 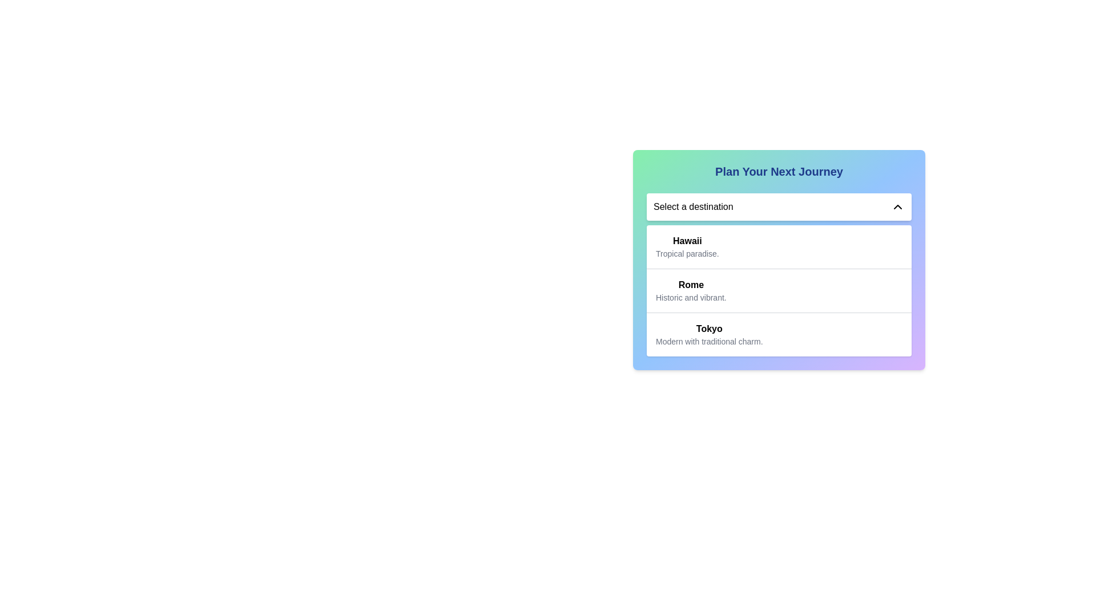 I want to click on the static text label element stating 'Tropical paradise.' located under the main label 'Hawaii' within the dropdown interface titled 'Plan Your Next Journey.', so click(x=687, y=253).